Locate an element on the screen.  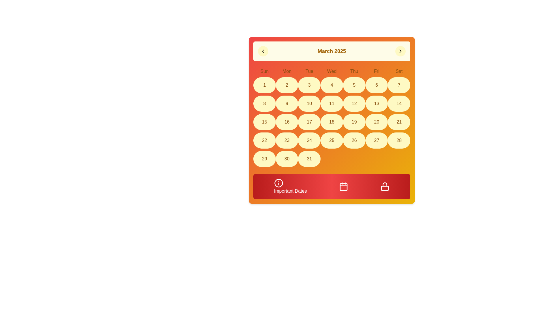
the button located in the bottom section of the interface, aligned to the left-most side among three similar buttons is located at coordinates (290, 187).